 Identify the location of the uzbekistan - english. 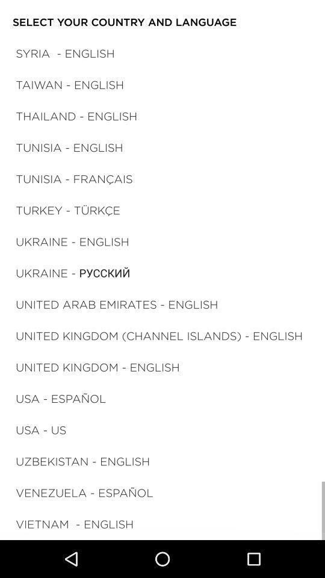
(82, 461).